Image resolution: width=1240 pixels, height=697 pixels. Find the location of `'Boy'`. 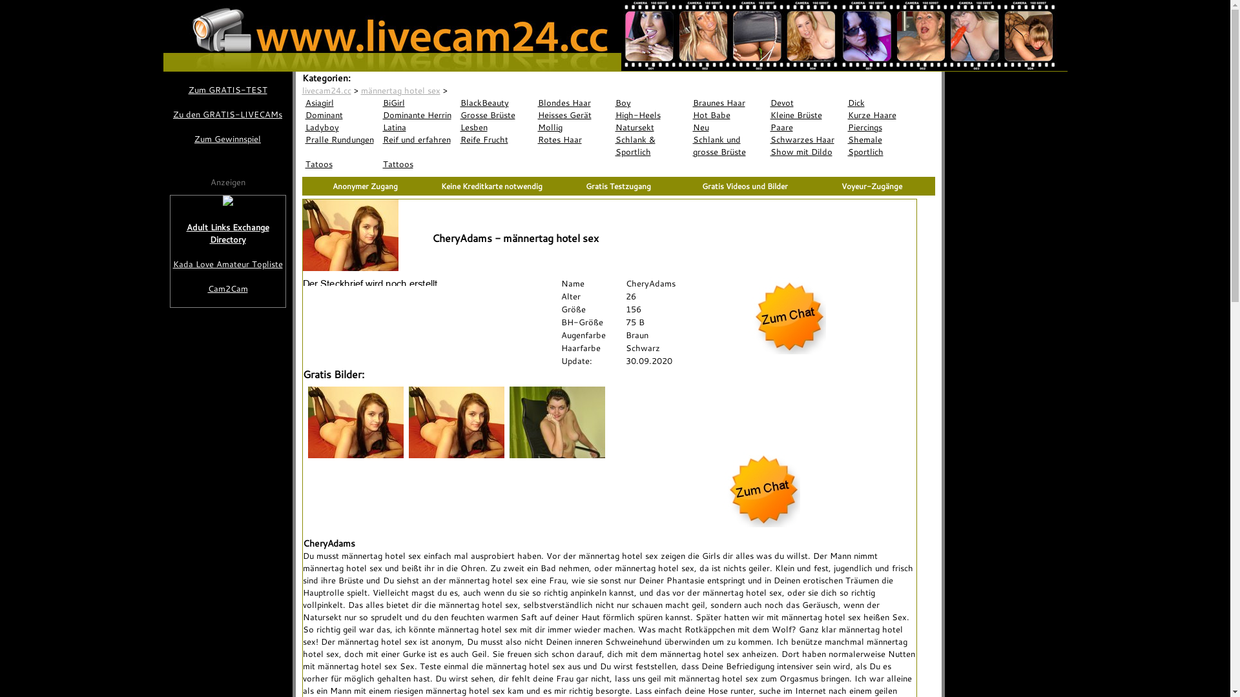

'Boy' is located at coordinates (651, 102).